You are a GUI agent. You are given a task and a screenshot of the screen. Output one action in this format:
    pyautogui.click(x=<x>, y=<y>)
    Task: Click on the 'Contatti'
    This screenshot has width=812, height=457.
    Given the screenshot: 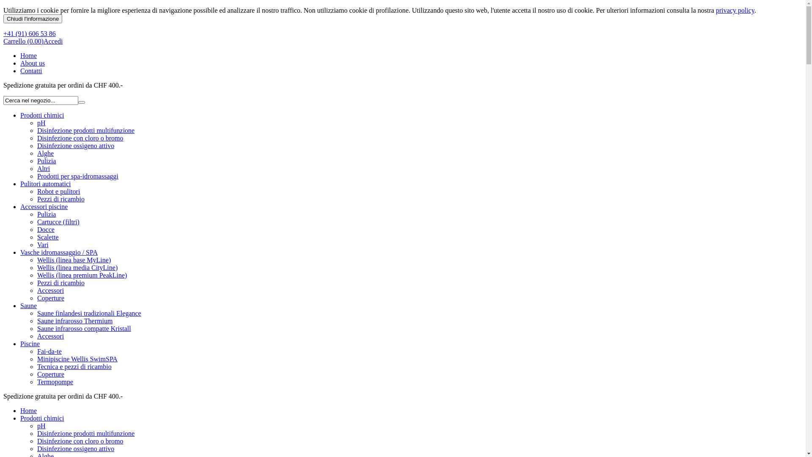 What is the action you would take?
    pyautogui.click(x=31, y=70)
    